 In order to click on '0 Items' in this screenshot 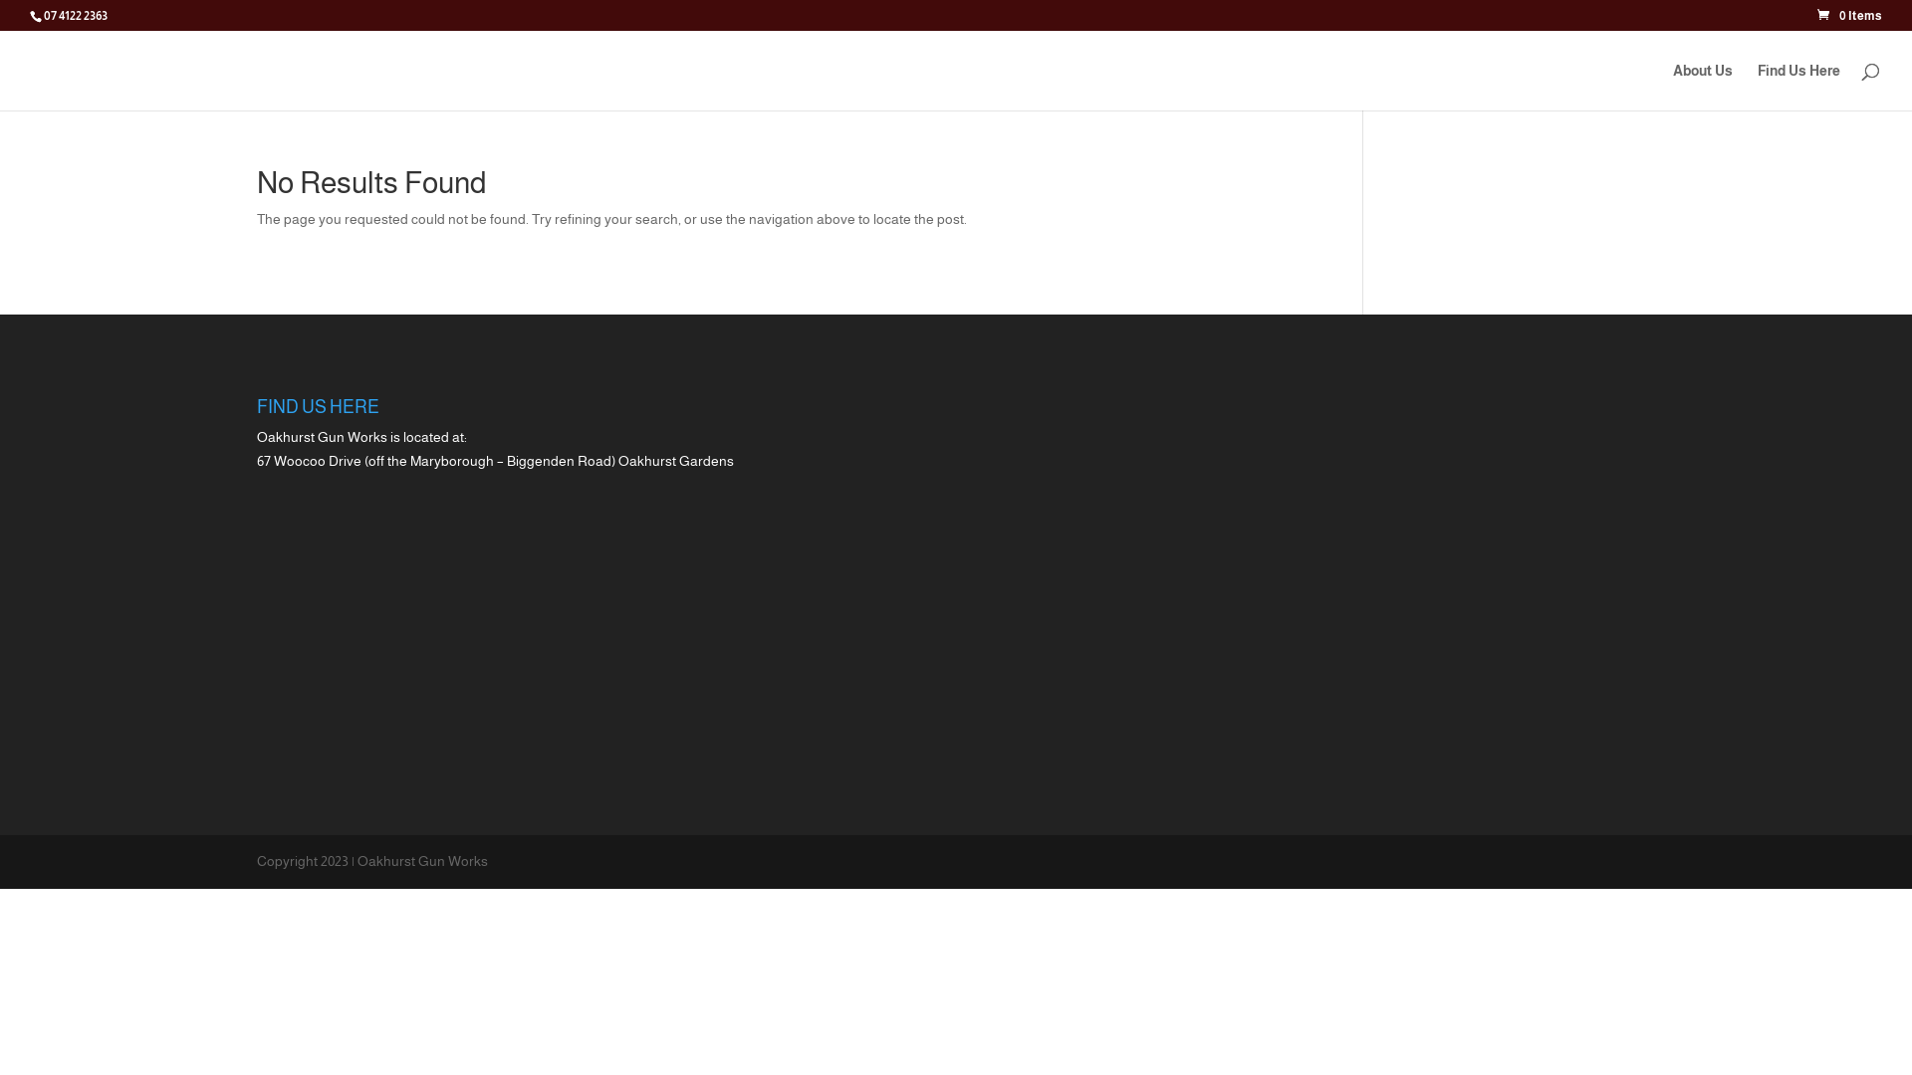, I will do `click(1816, 15)`.